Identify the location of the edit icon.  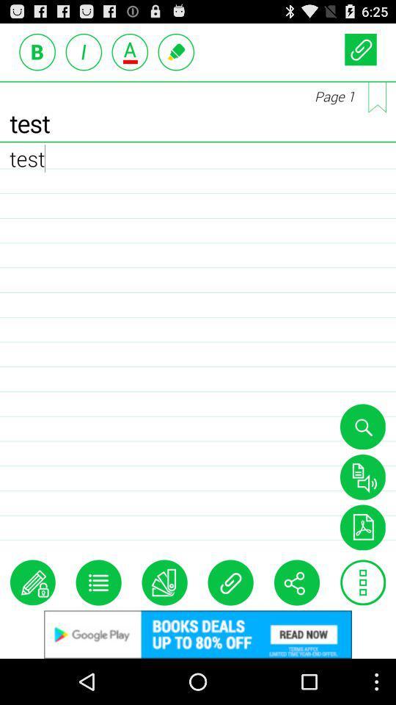
(32, 623).